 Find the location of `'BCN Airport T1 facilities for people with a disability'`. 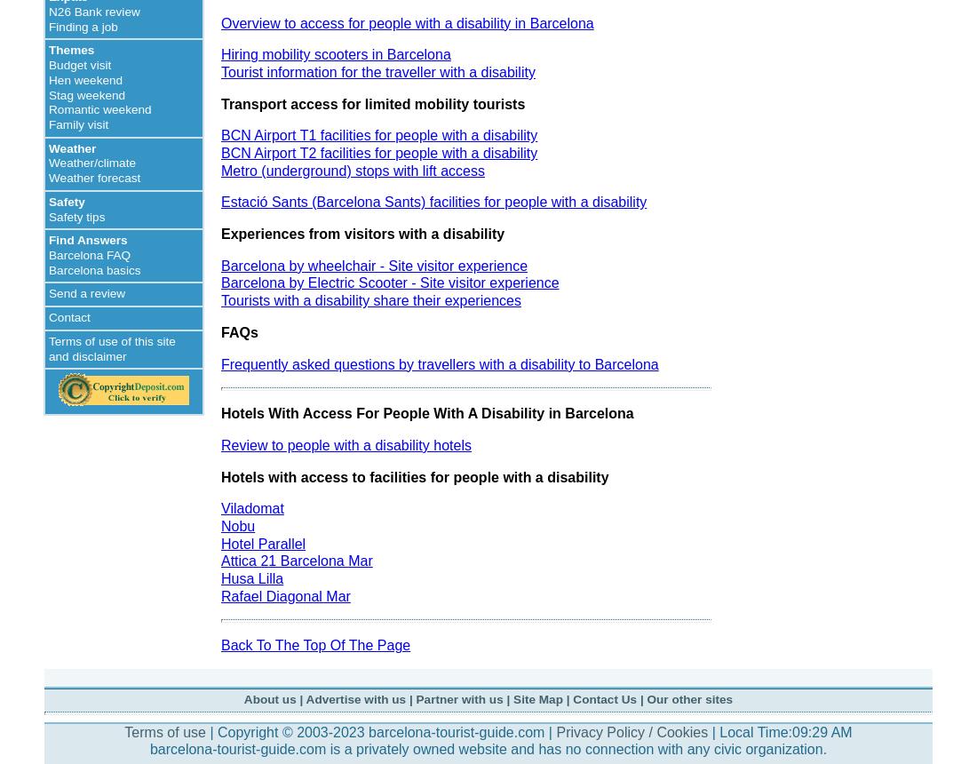

'BCN Airport T1 facilities for people with a disability' is located at coordinates (378, 135).